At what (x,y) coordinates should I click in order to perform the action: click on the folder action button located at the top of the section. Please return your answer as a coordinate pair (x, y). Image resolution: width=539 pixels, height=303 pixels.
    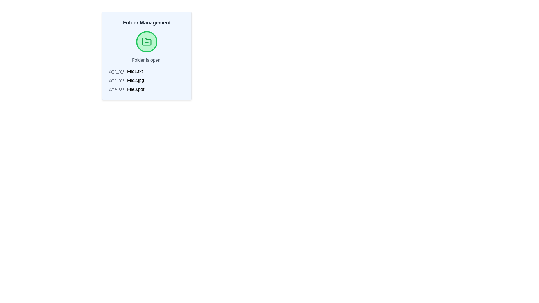
    Looking at the image, I should click on (147, 42).